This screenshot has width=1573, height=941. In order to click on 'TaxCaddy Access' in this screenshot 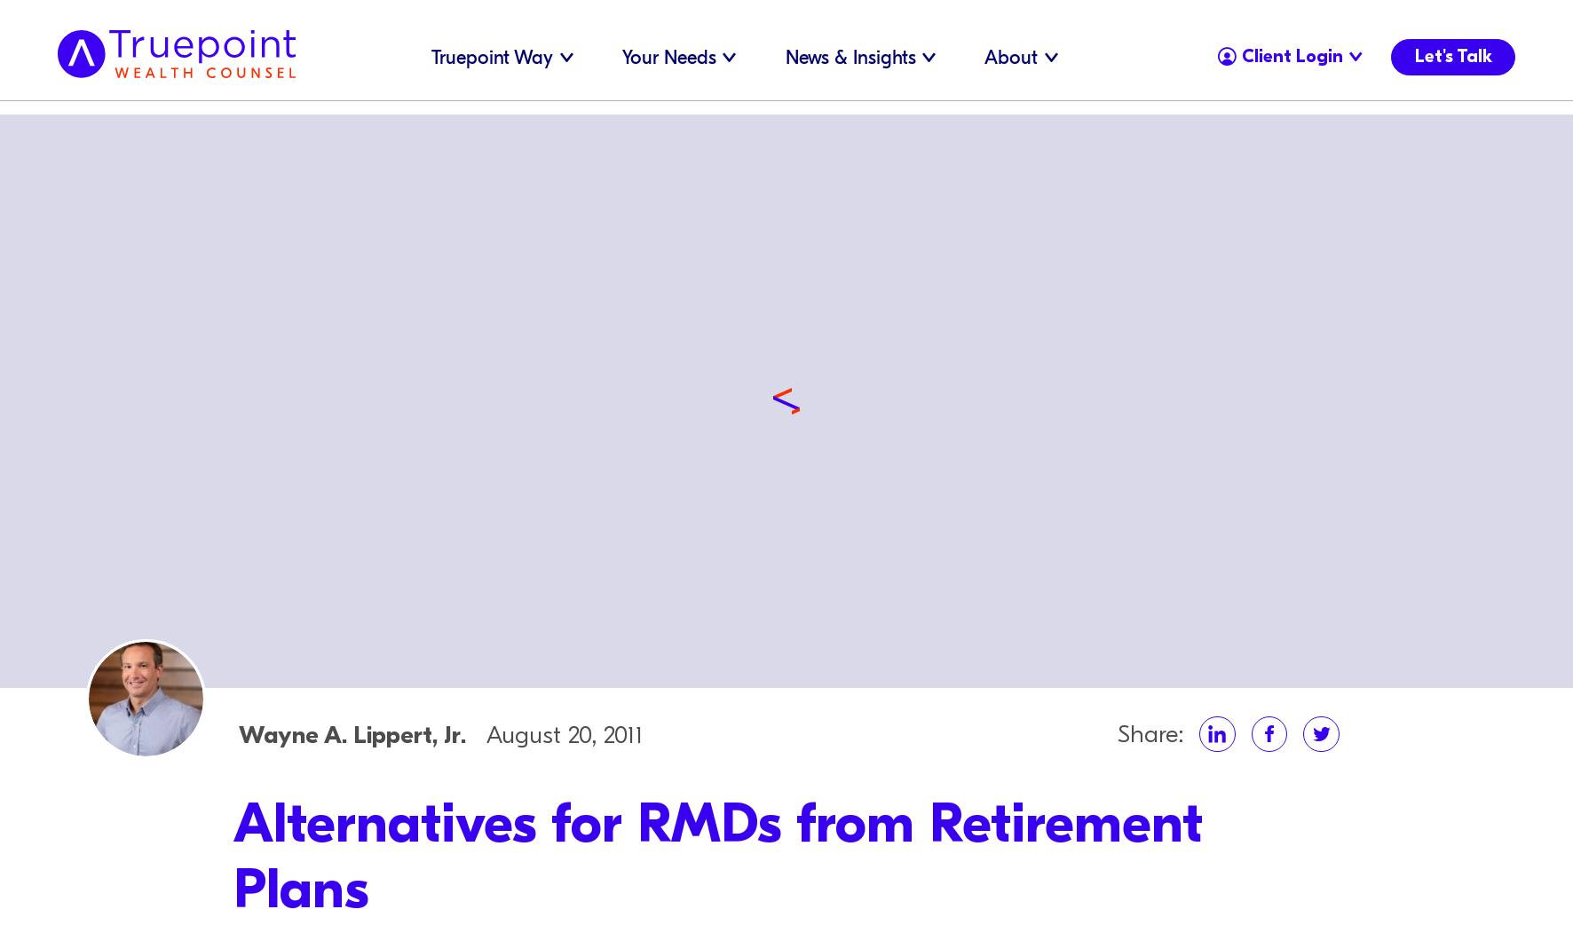, I will do `click(1274, 49)`.